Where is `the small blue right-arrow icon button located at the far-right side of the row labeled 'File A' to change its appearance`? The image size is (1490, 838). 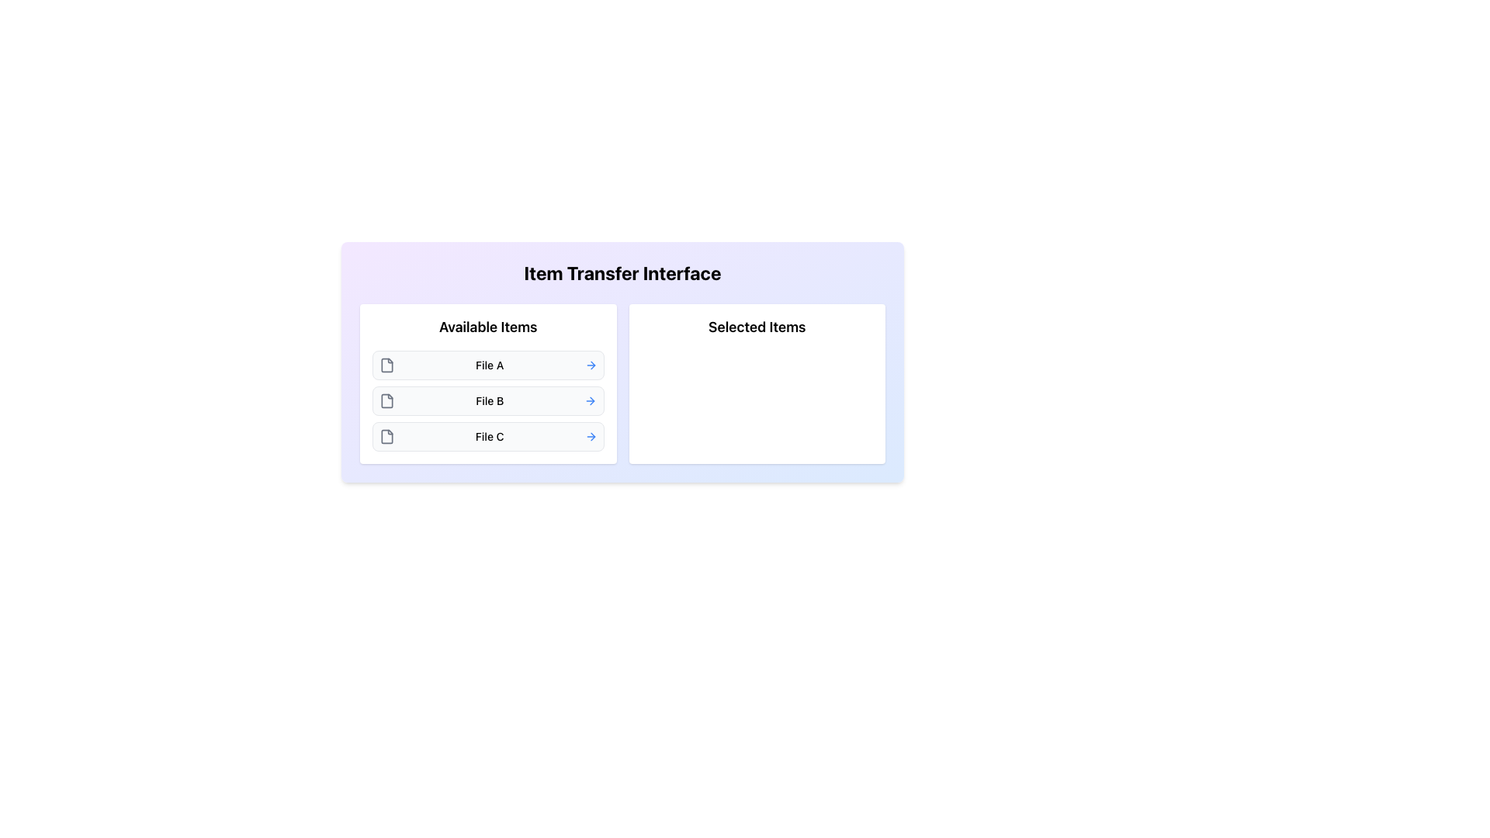
the small blue right-arrow icon button located at the far-right side of the row labeled 'File A' to change its appearance is located at coordinates (590, 365).